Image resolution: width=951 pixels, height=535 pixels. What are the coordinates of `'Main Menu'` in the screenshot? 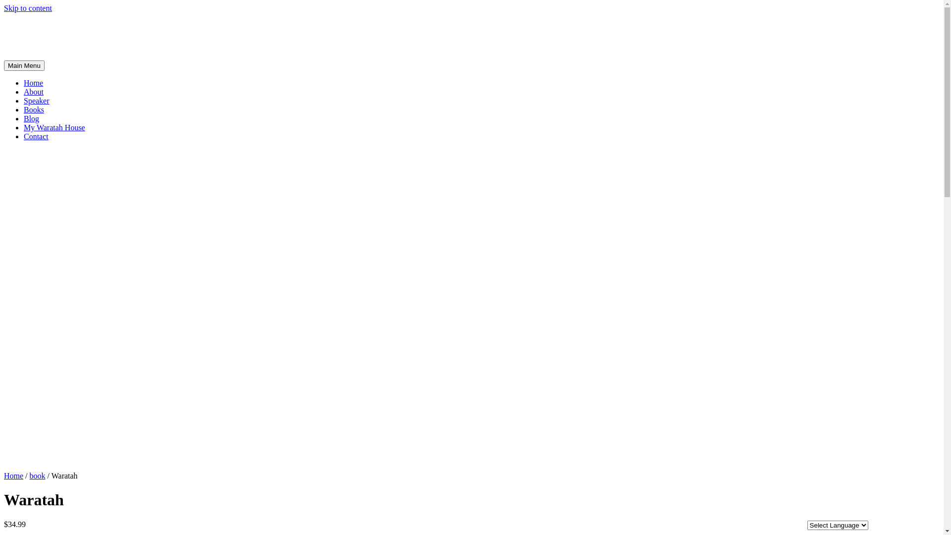 It's located at (24, 65).